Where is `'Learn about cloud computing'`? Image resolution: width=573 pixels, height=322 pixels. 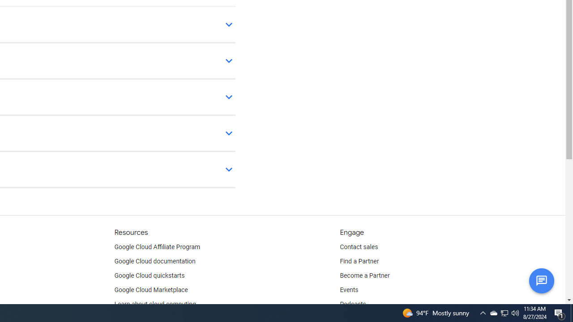 'Learn about cloud computing' is located at coordinates (155, 304).